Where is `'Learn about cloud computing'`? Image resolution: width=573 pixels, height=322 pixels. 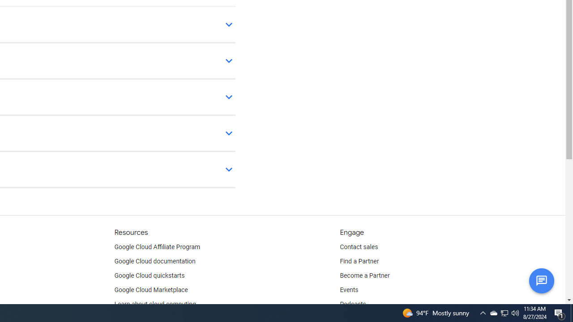 'Learn about cloud computing' is located at coordinates (155, 304).